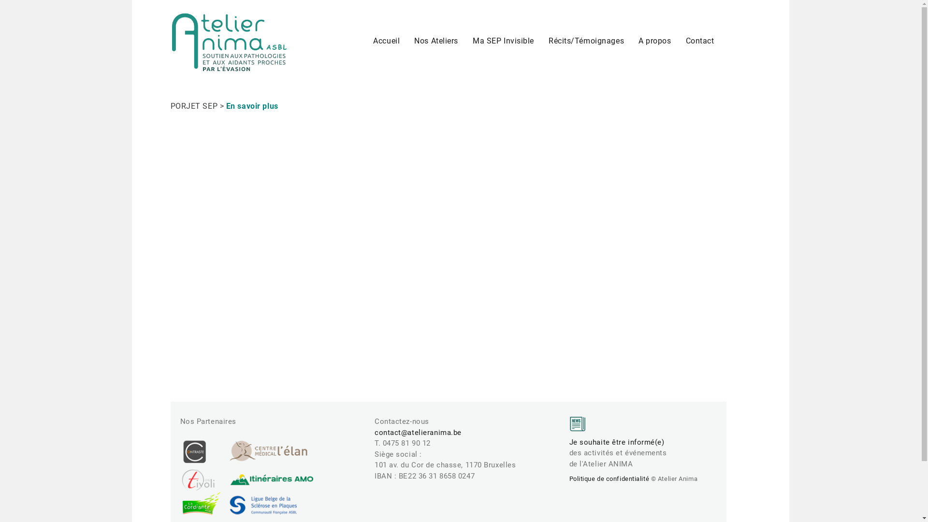  What do you see at coordinates (252, 106) in the screenshot?
I see `'En savoir plus'` at bounding box center [252, 106].